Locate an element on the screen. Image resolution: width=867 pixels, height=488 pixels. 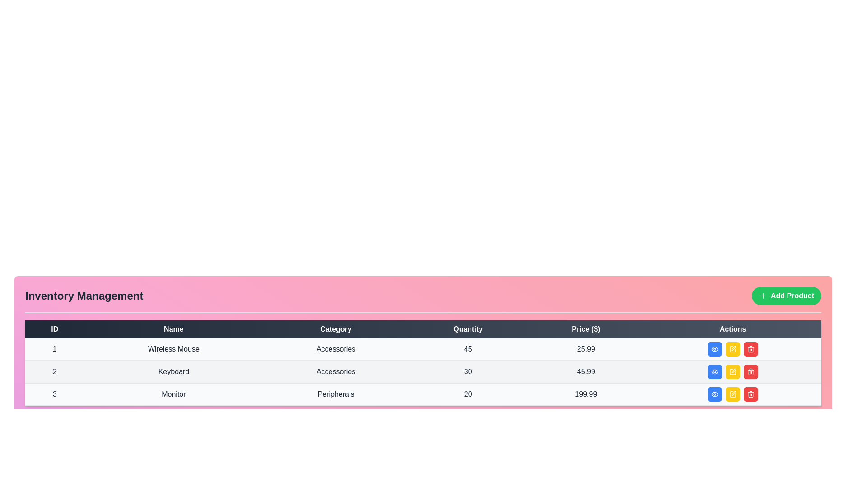
the middle button with a yellow background under the 'Actions' column for the product 'Keyboard' to initiate editing is located at coordinates (733, 371).